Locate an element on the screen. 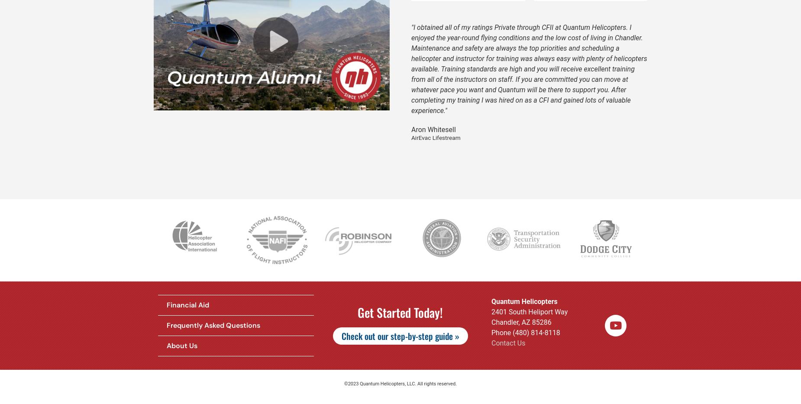 This screenshot has width=801, height=404. 'Frequently Asked Questions' is located at coordinates (213, 324).